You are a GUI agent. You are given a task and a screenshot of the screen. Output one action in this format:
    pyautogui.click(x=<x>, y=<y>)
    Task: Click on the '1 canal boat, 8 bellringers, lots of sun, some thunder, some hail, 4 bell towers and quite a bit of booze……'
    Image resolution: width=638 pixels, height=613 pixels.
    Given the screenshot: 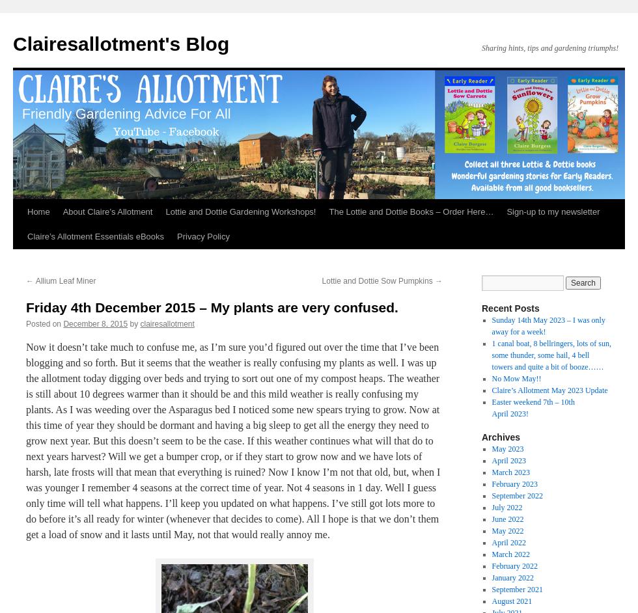 What is the action you would take?
    pyautogui.click(x=551, y=354)
    